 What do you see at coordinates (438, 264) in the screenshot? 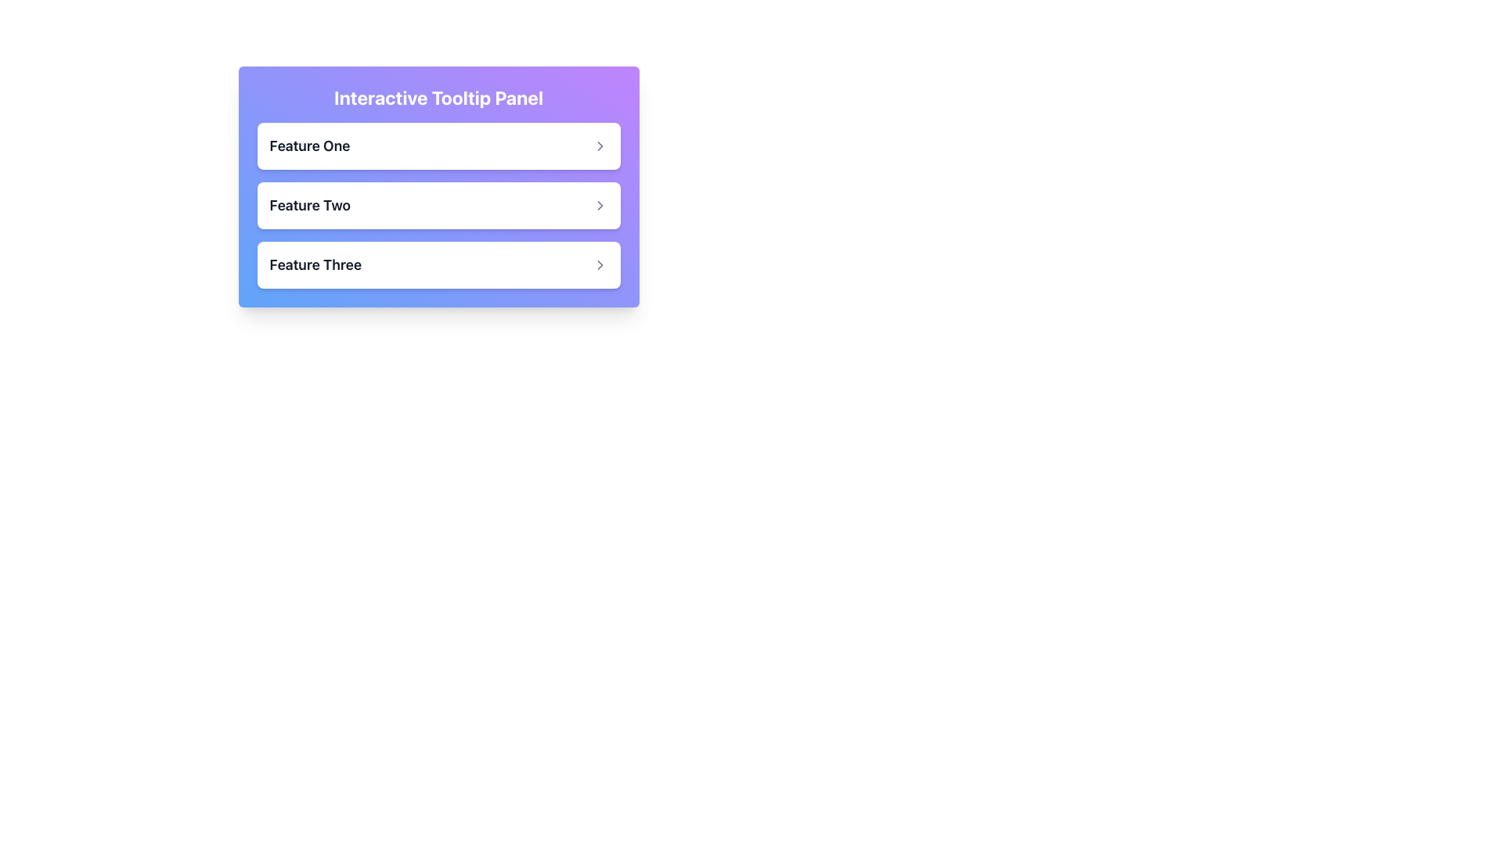
I see `the Interactive List Item for 'Feature Three'` at bounding box center [438, 264].